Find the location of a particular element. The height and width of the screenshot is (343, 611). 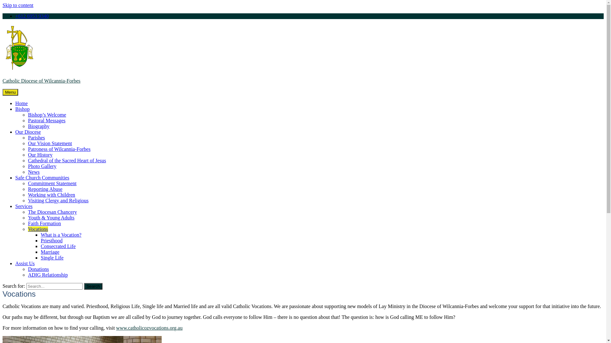

'Our History' is located at coordinates (40, 155).